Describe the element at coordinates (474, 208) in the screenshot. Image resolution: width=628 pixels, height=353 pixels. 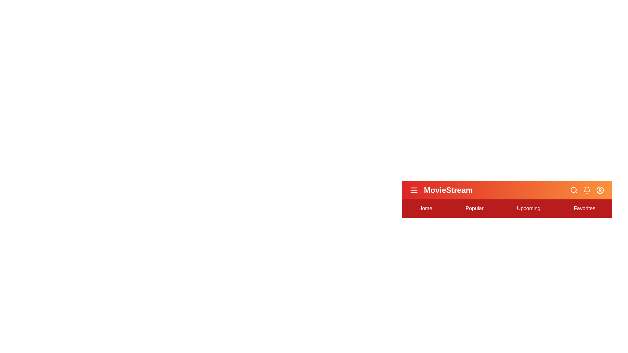
I see `the navigation option Popular to highlight it` at that location.